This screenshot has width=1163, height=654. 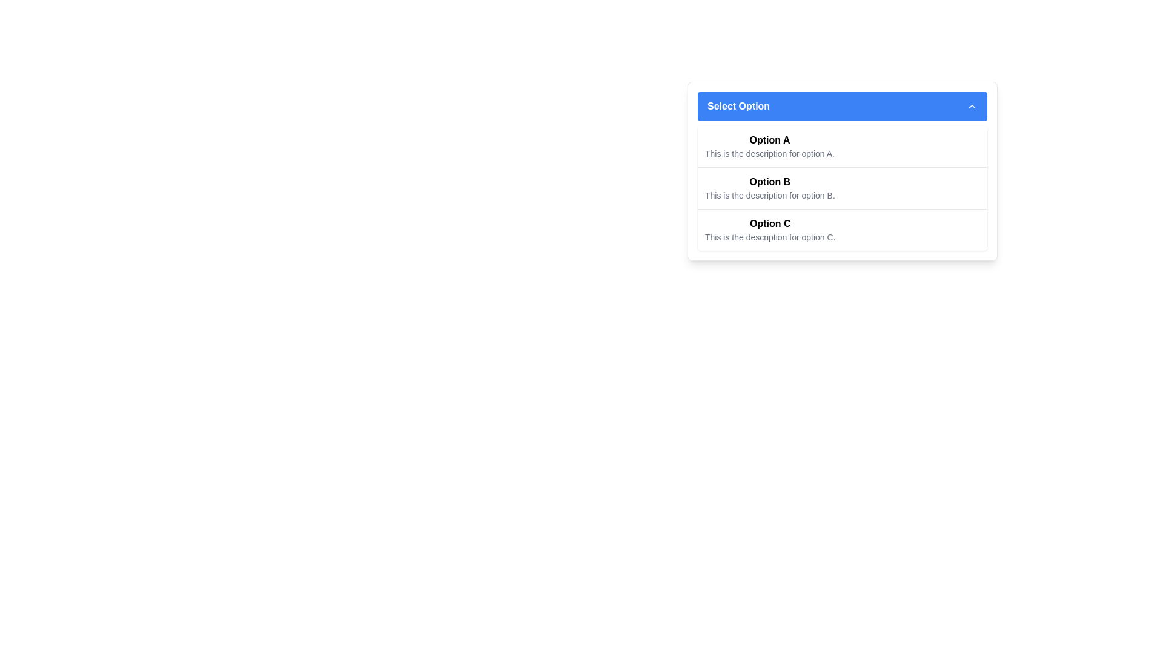 What do you see at coordinates (842, 187) in the screenshot?
I see `the second entry in the vertically arranged list of options` at bounding box center [842, 187].